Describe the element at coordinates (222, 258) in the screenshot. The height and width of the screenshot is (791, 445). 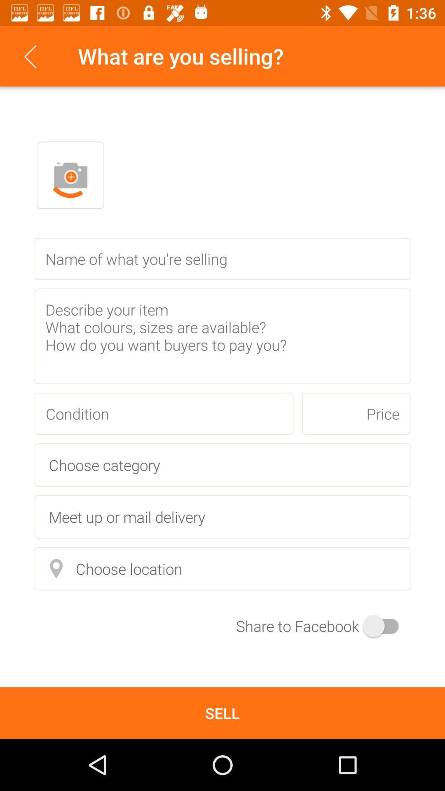
I see `name` at that location.